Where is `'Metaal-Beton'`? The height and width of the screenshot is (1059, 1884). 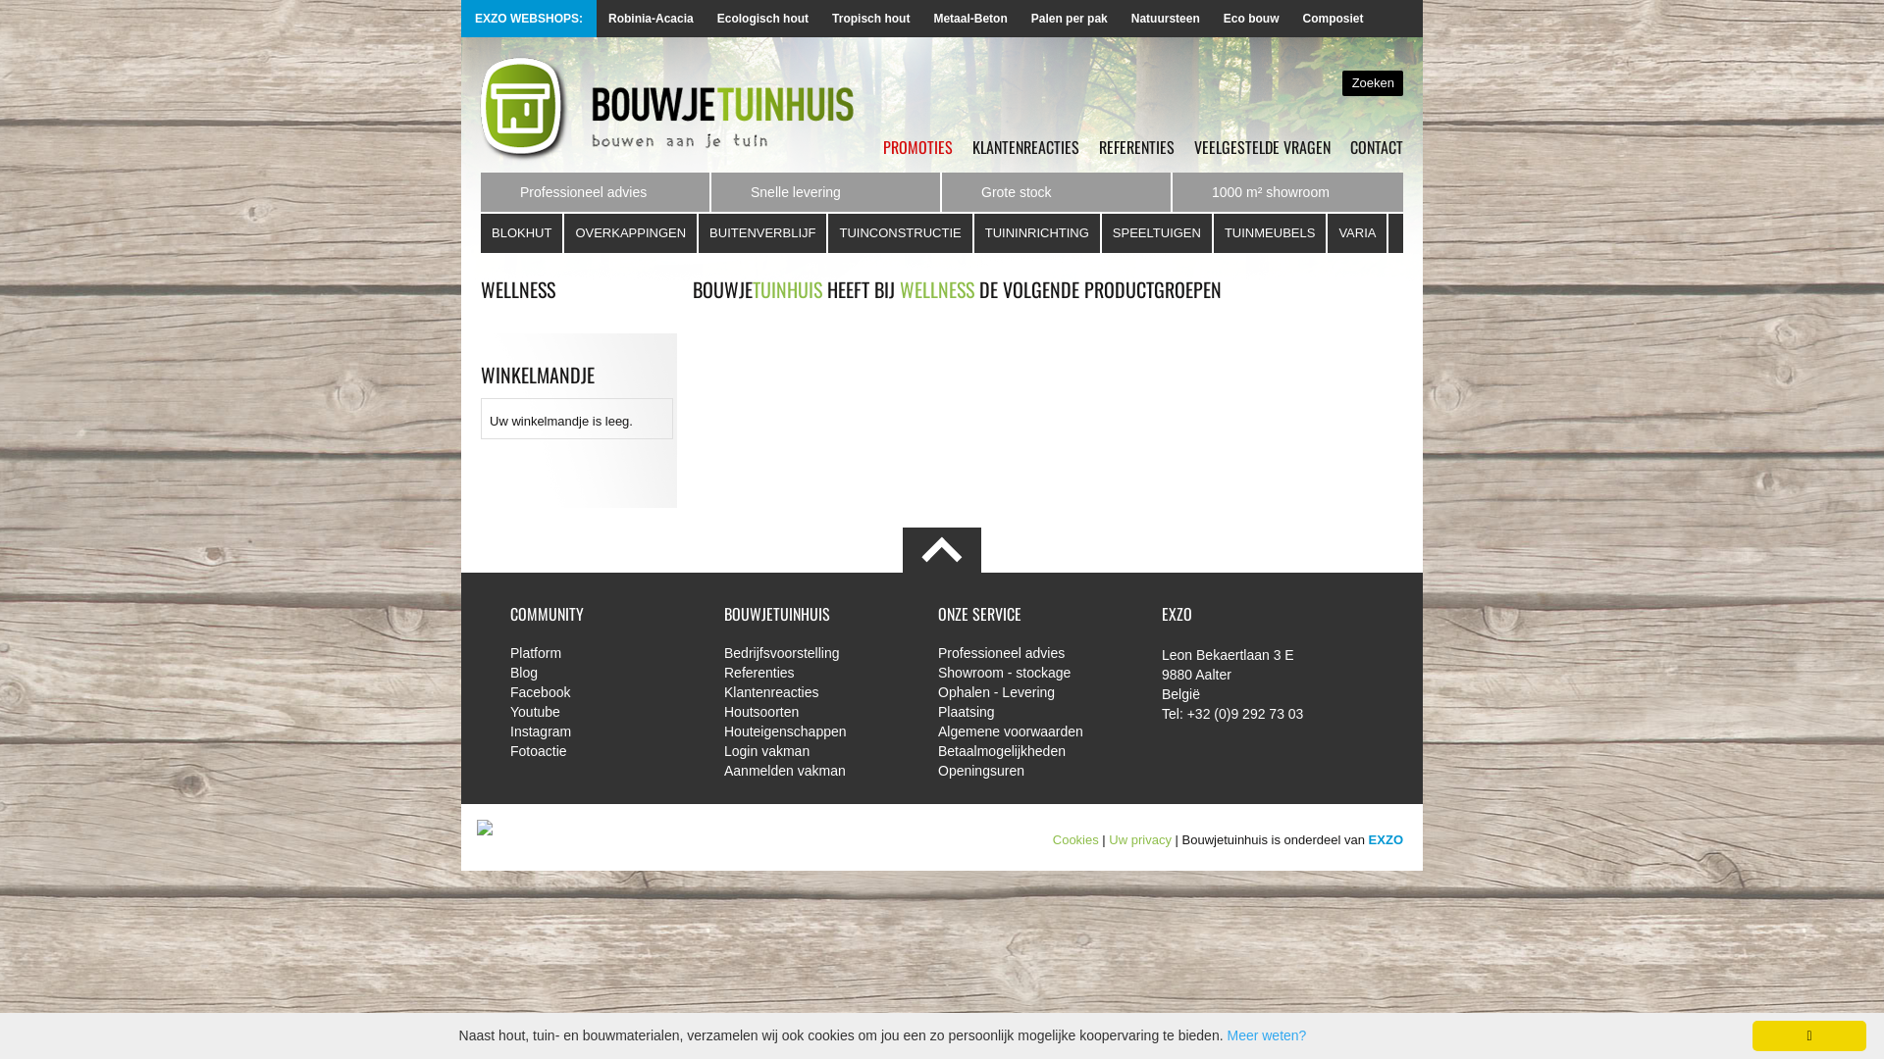
'Metaal-Beton' is located at coordinates (969, 19).